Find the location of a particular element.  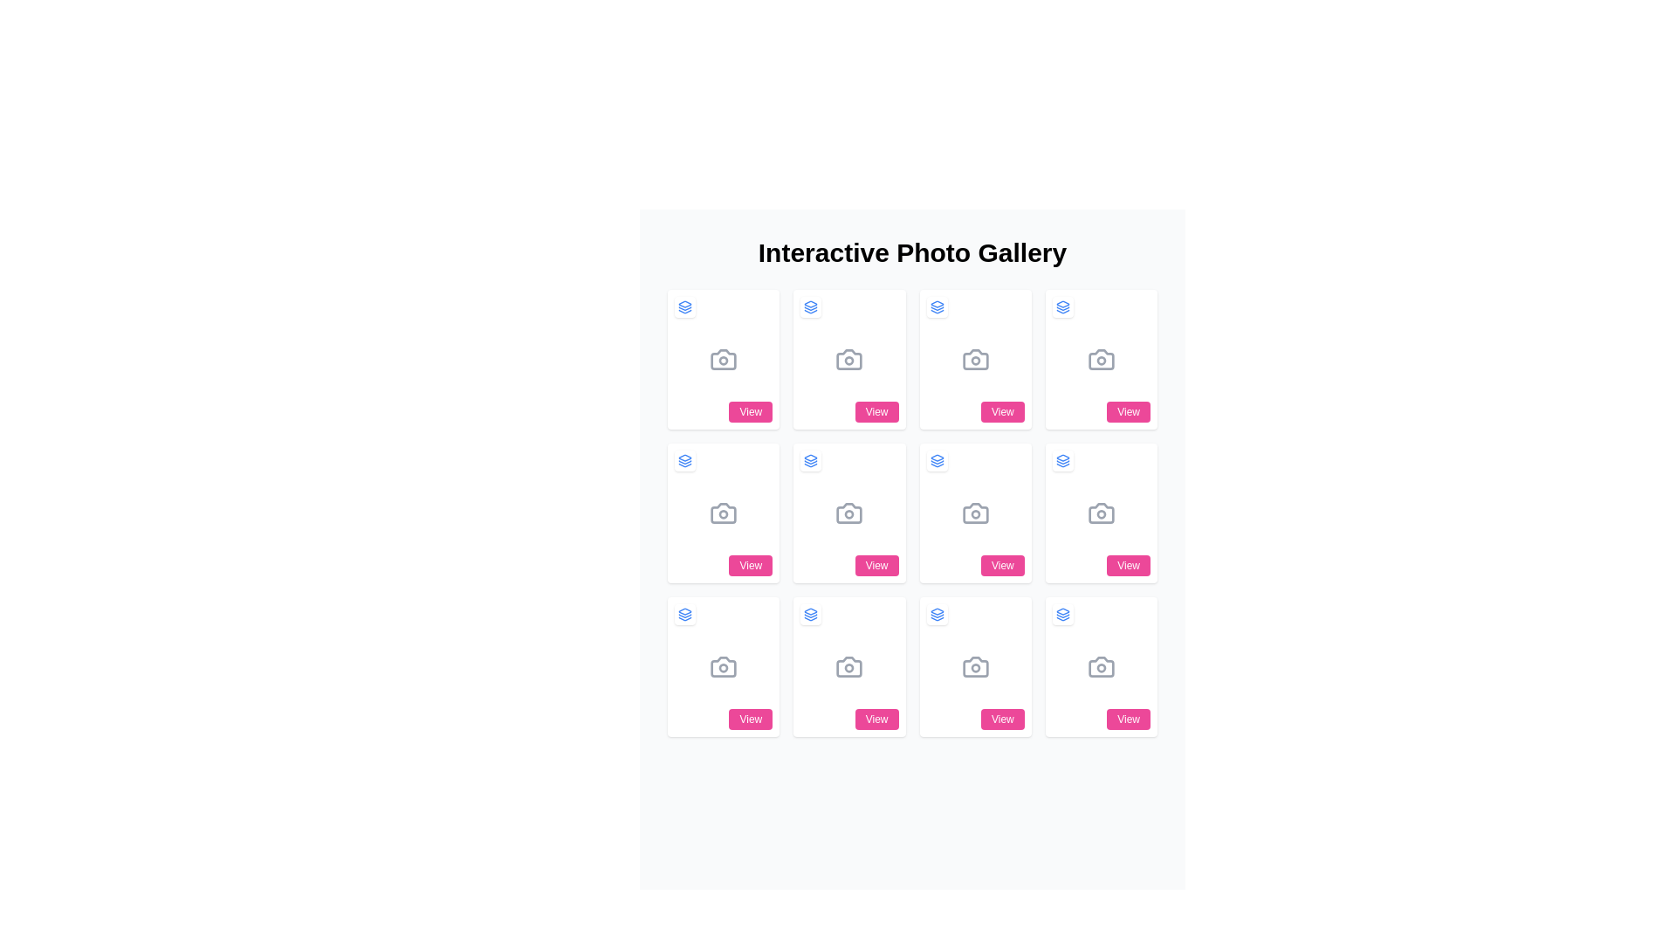

the camera icon located in the third column of the first row beneath the 'Interactive Photo Gallery' header is located at coordinates (974, 359).